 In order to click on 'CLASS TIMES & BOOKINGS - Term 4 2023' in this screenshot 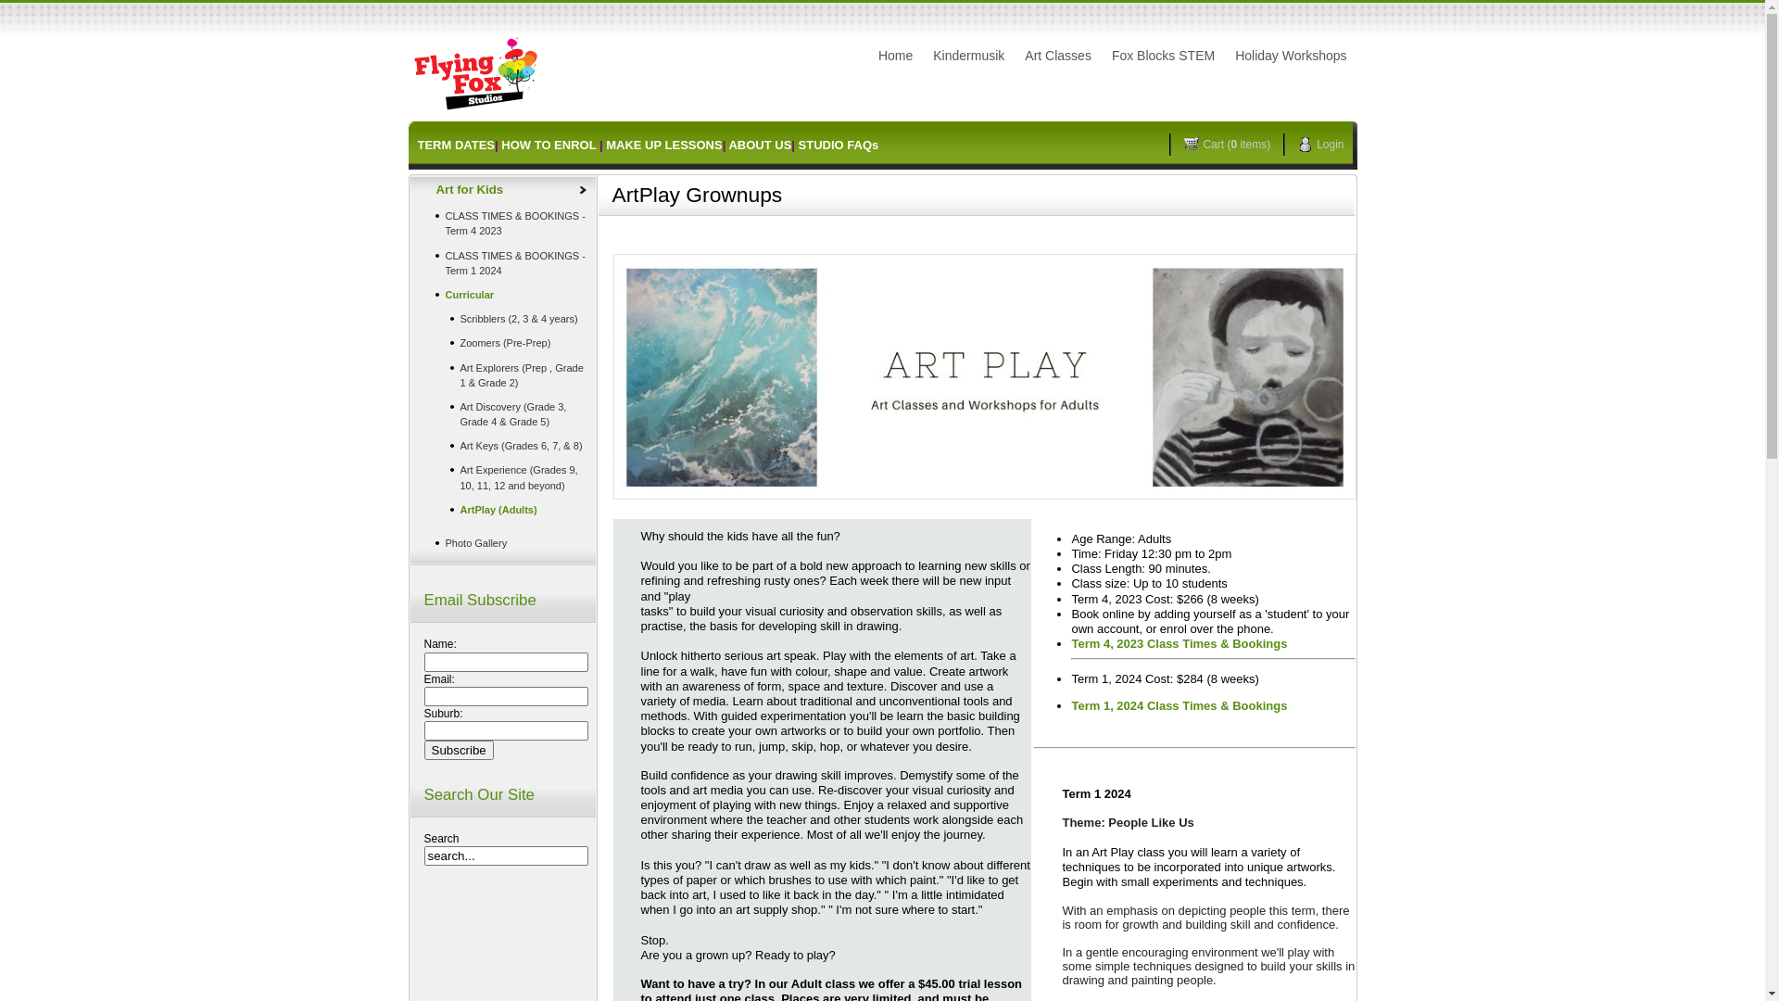, I will do `click(502, 222)`.